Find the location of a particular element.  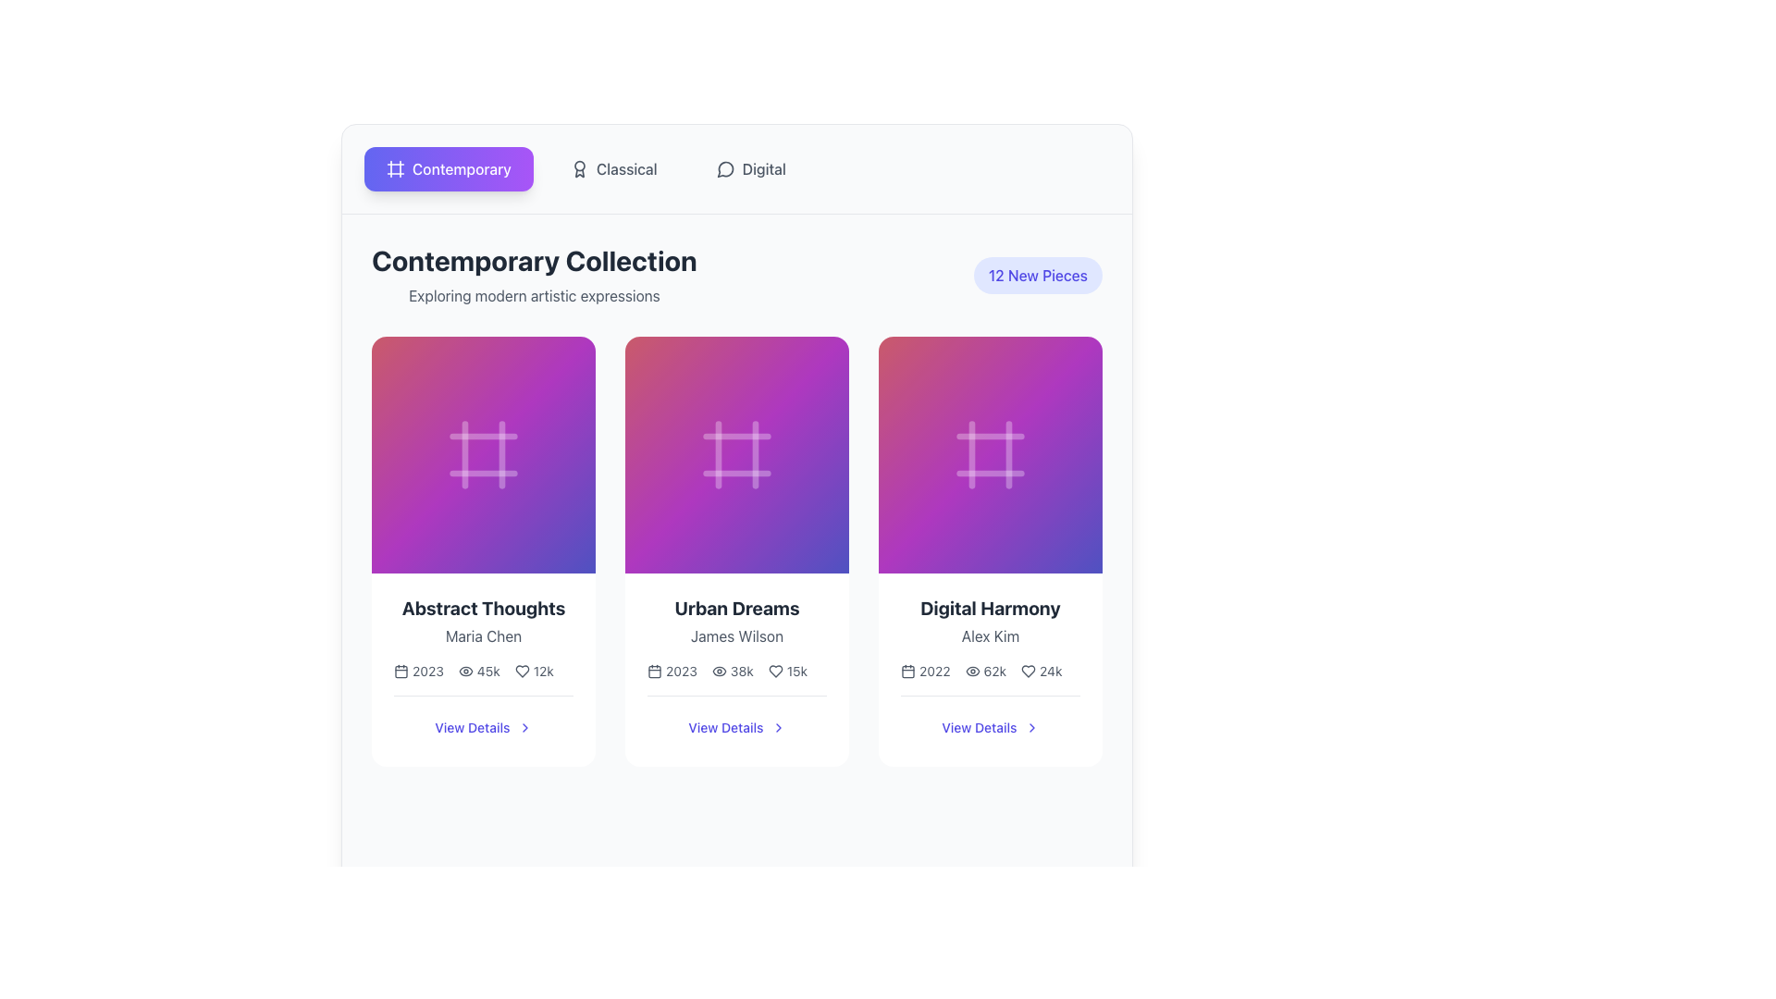

the Metadata display group element that shows '2023', '45k', and '12k' with respective icons for year, views, and likes, located at the lower part of the first card in the grid layout is located at coordinates (474, 671).